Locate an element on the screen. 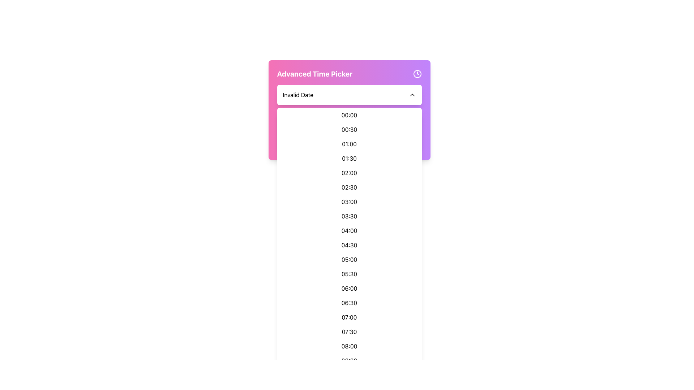  the text item representing '02:00' in the Advanced Time Picker dropdown menu is located at coordinates (349, 173).